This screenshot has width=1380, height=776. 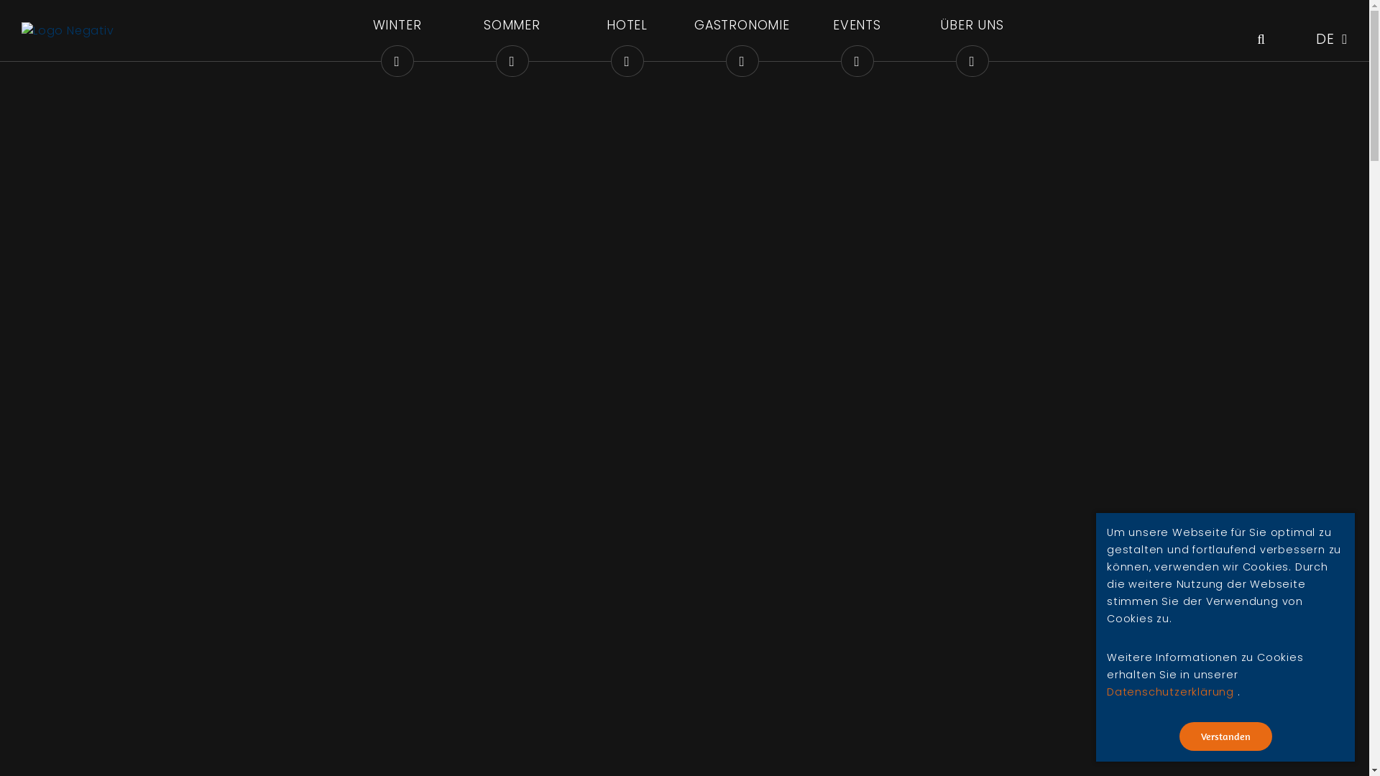 I want to click on 'SOMMER', so click(x=511, y=32).